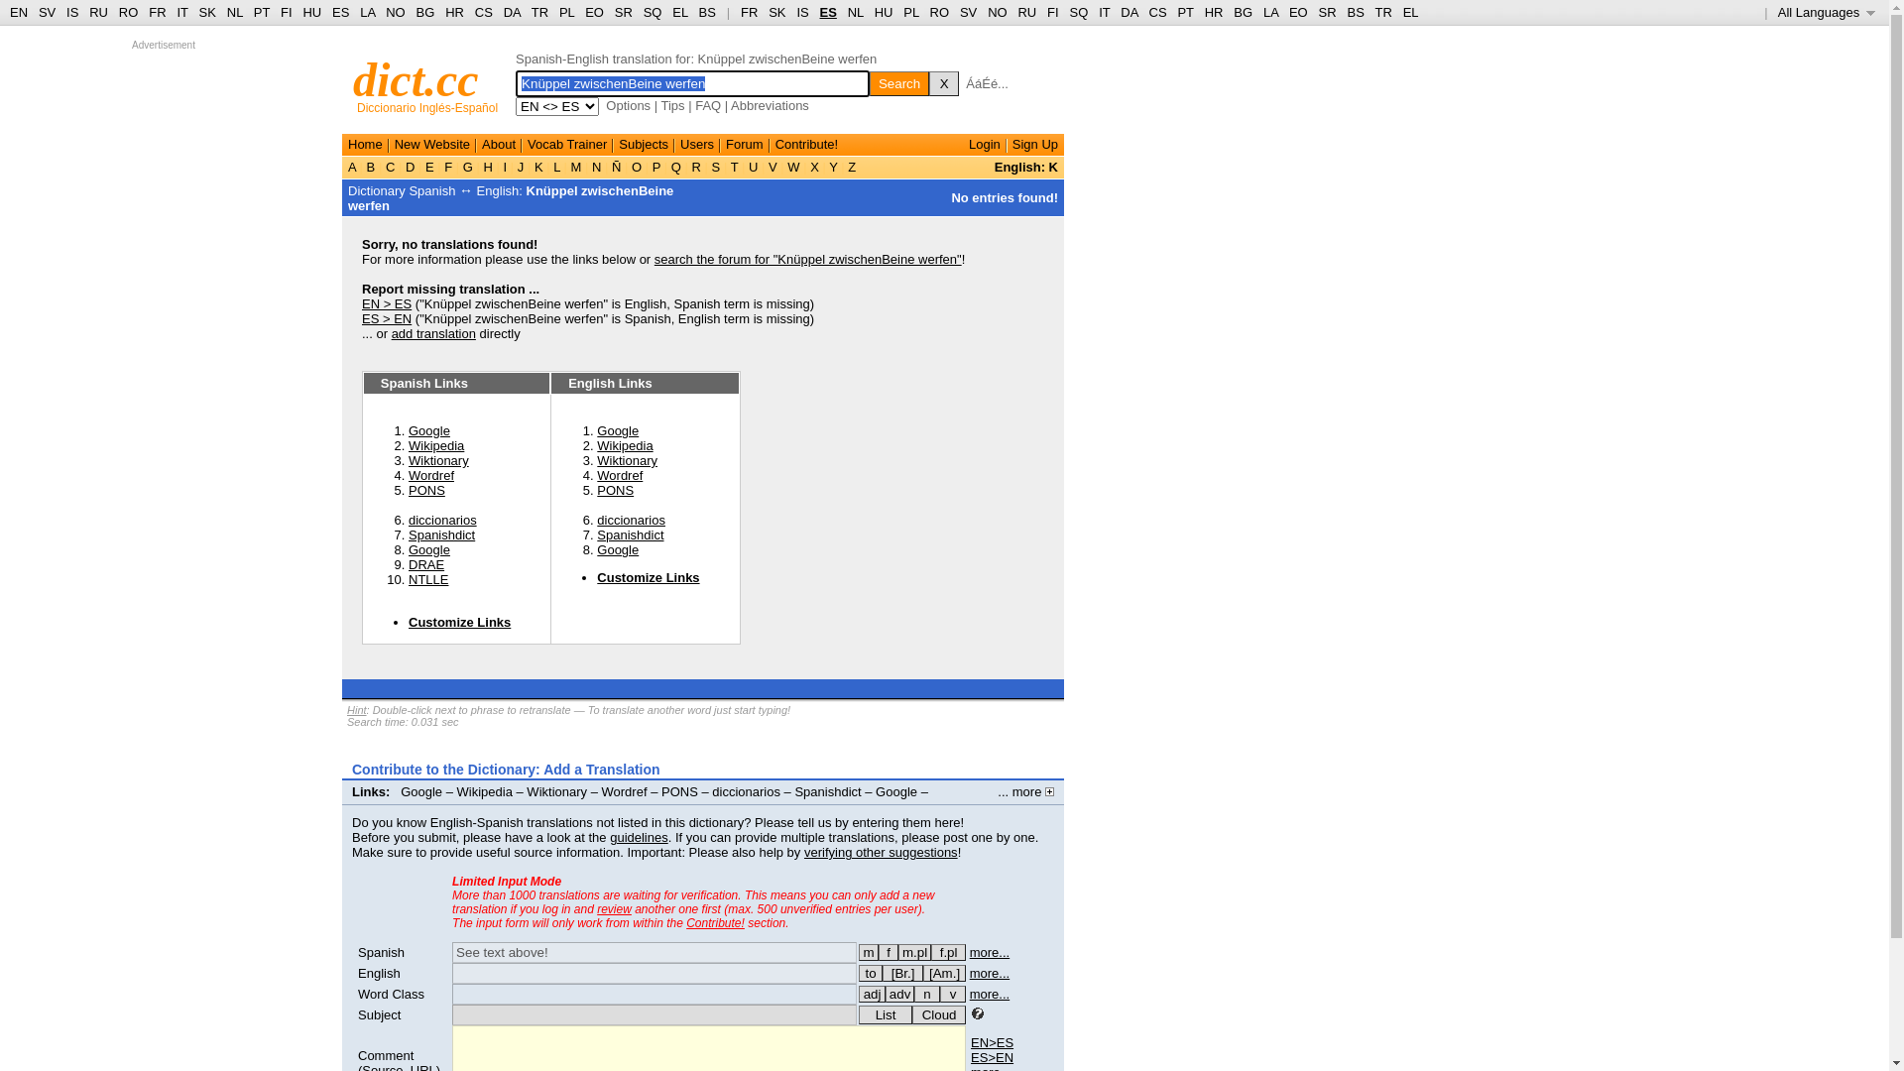  What do you see at coordinates (1012, 143) in the screenshot?
I see `'Sign Up'` at bounding box center [1012, 143].